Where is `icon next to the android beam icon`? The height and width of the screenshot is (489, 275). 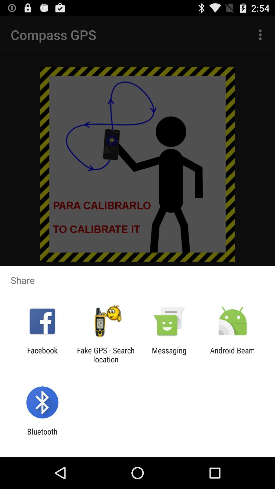
icon next to the android beam icon is located at coordinates (169, 355).